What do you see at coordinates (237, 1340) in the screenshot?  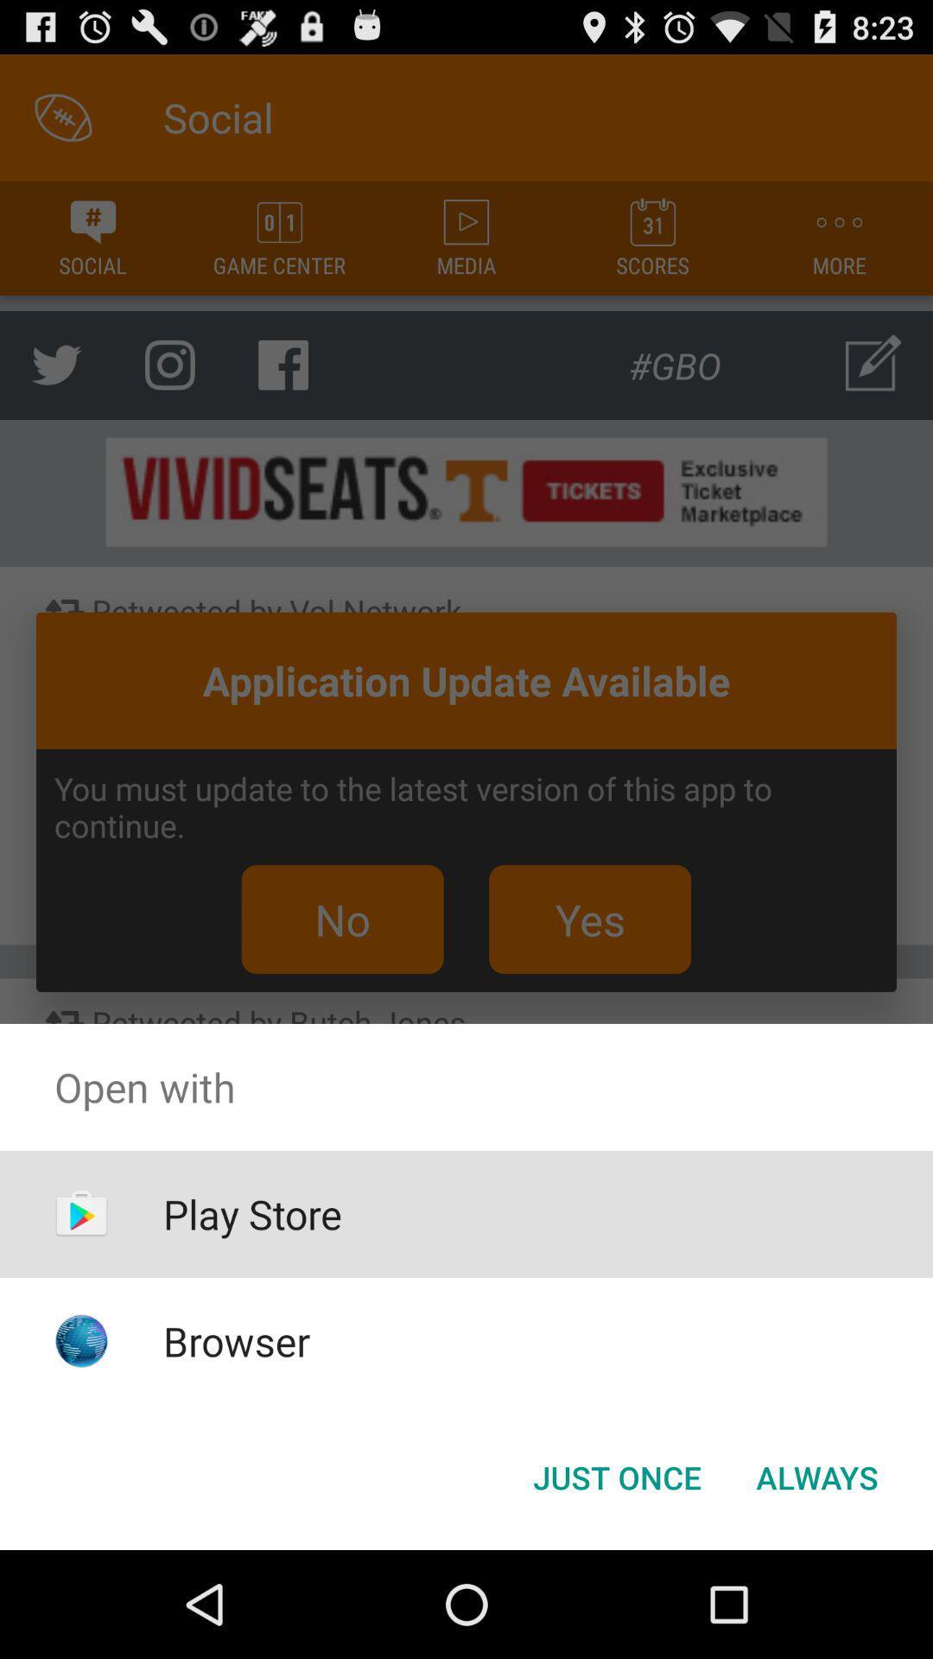 I see `browser` at bounding box center [237, 1340].